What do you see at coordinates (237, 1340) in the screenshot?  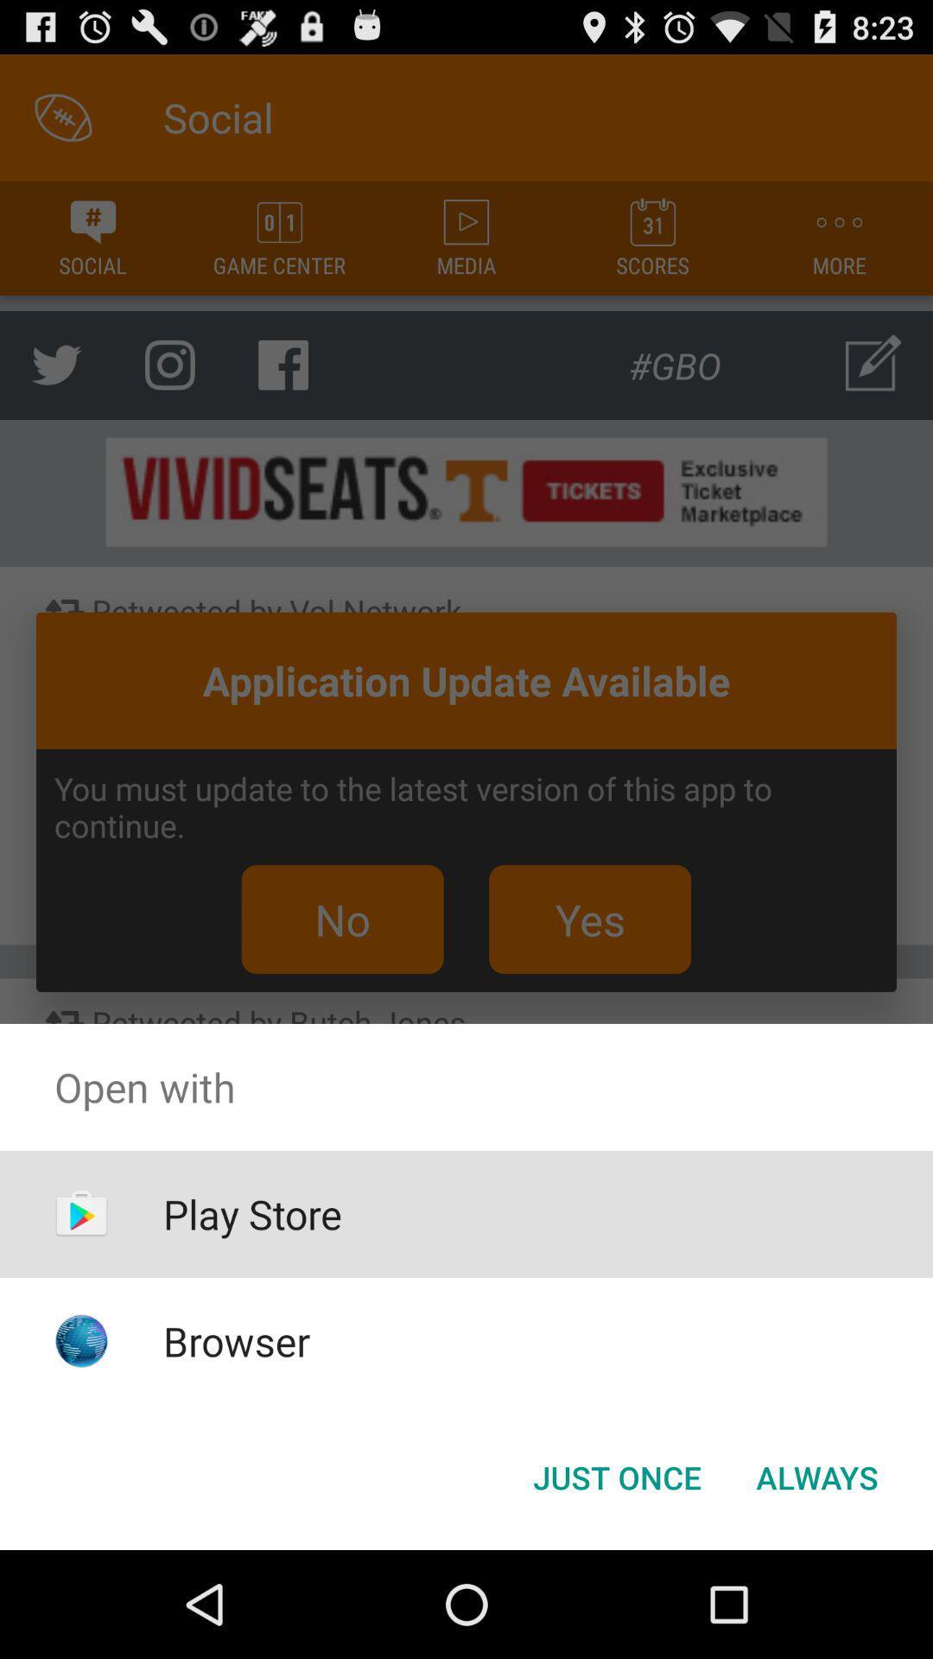 I see `browser` at bounding box center [237, 1340].